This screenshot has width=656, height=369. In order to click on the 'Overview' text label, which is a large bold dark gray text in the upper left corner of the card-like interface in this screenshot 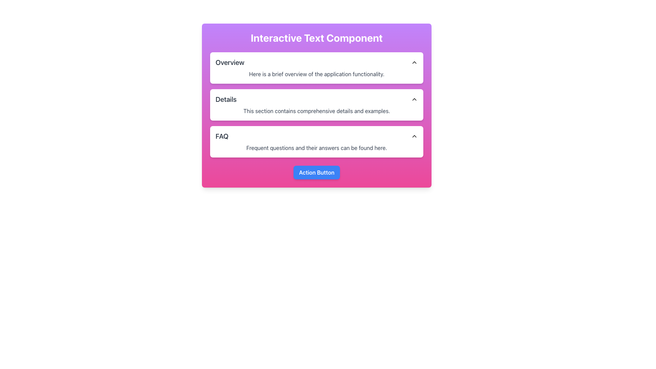, I will do `click(230, 62)`.